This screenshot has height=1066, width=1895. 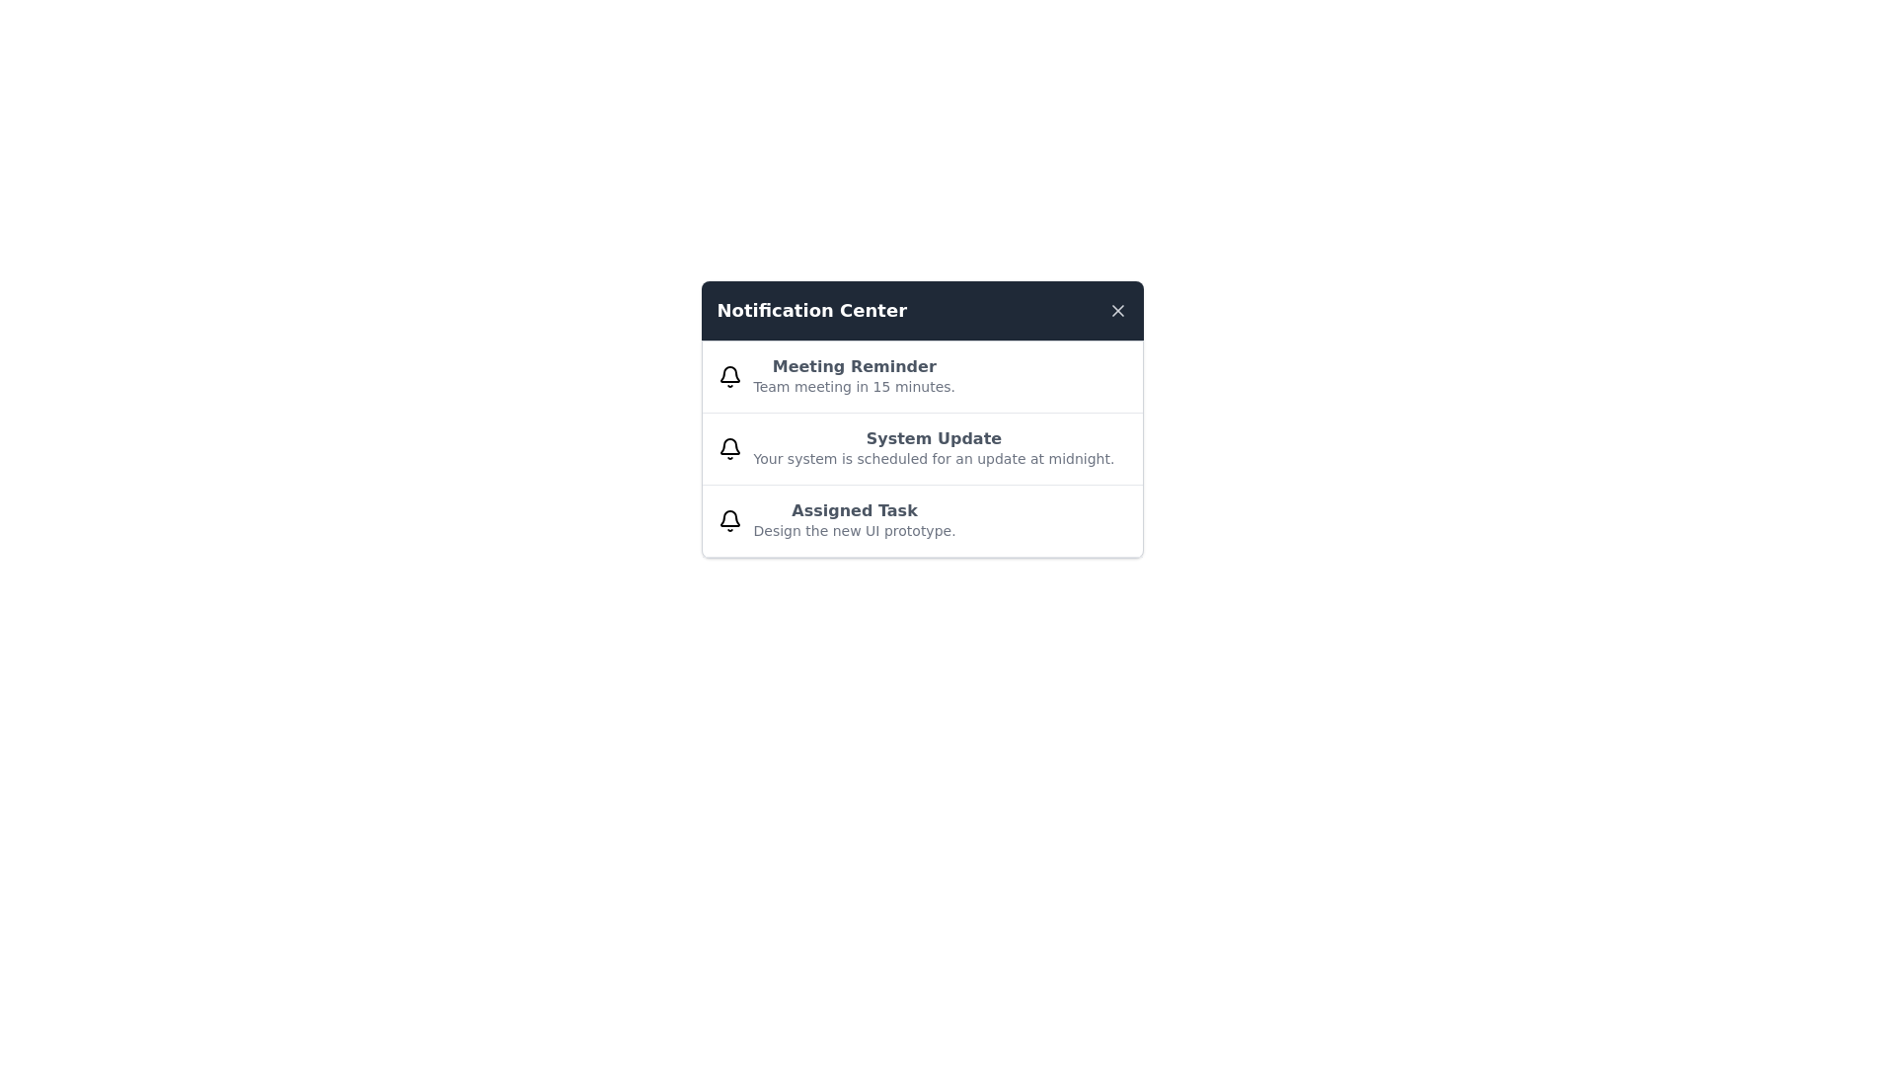 I want to click on the bell icon that indicates notifications for the 'Meeting Reminder' in the notification center, so click(x=728, y=376).